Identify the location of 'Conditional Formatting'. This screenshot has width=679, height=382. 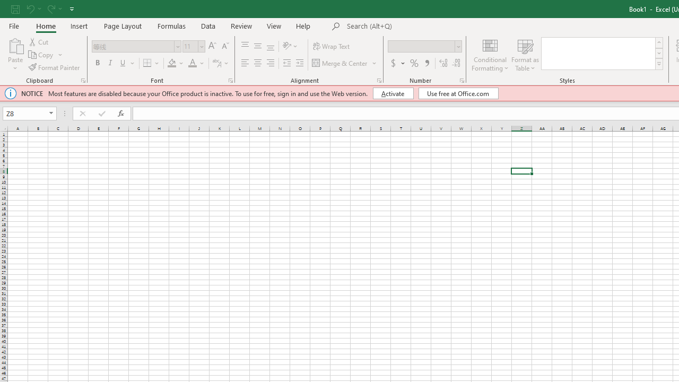
(490, 55).